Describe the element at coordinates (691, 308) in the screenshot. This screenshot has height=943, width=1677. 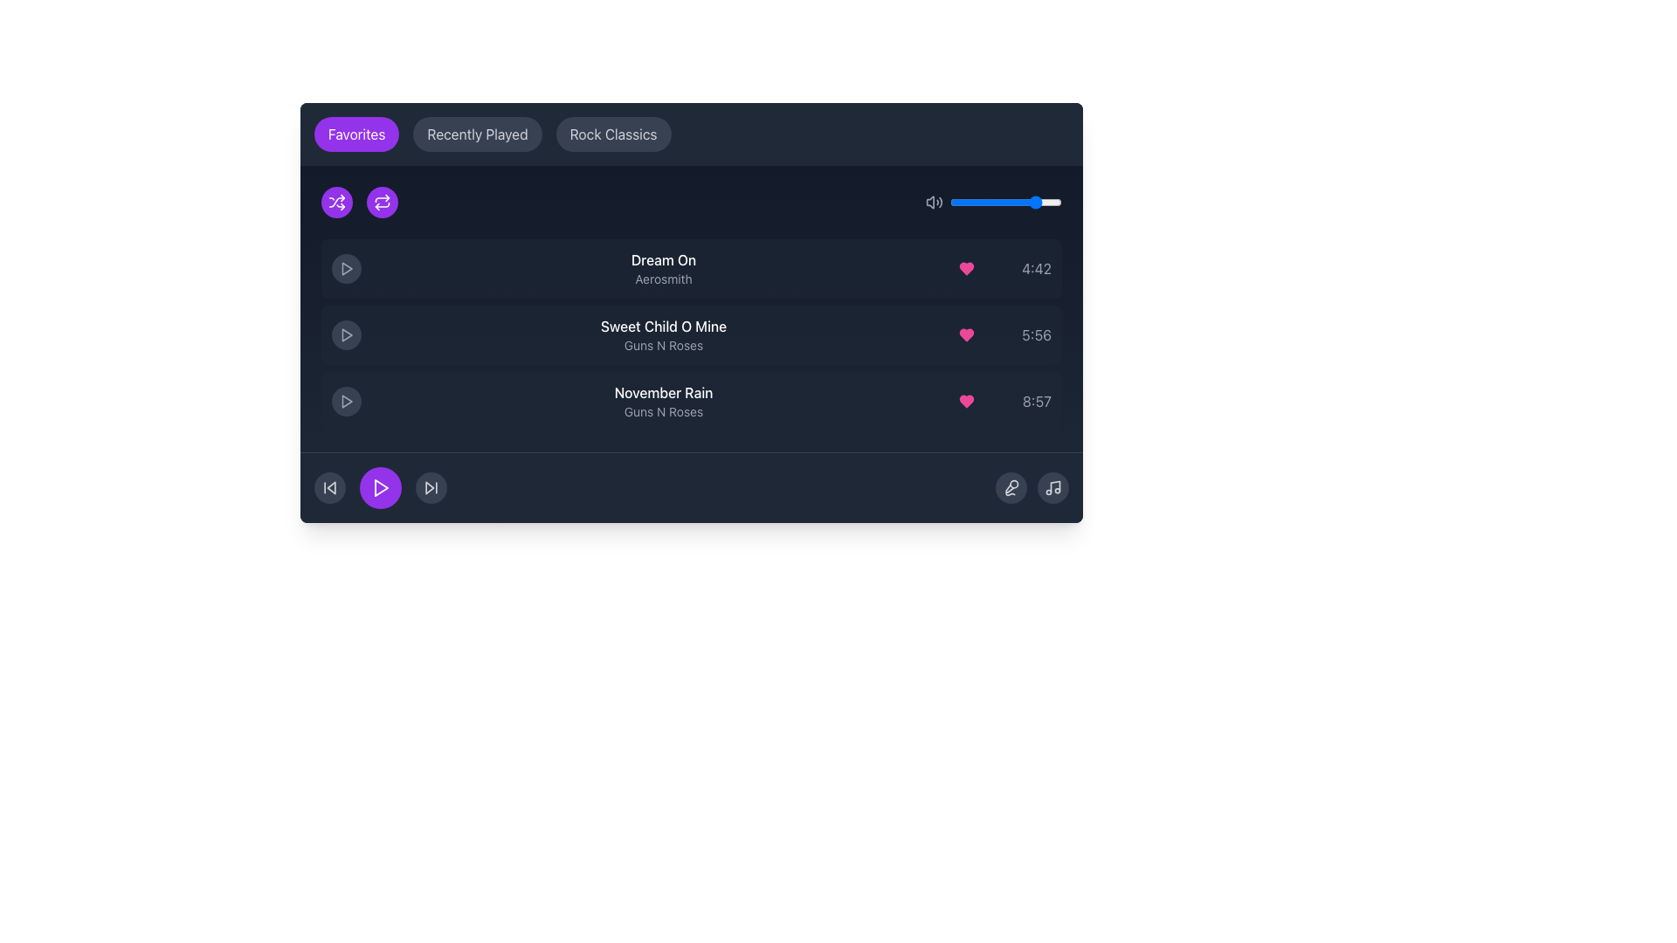
I see `to select a song from the interactive song list located in the middle section of the music player interface` at that location.